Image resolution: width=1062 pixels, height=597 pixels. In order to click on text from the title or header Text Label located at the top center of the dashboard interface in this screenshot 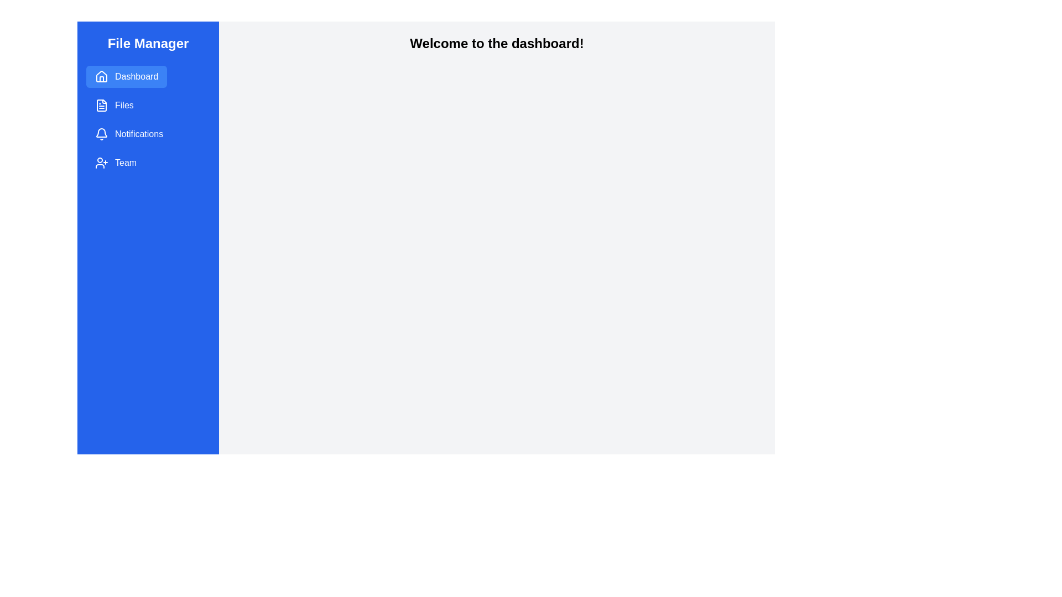, I will do `click(496, 43)`.